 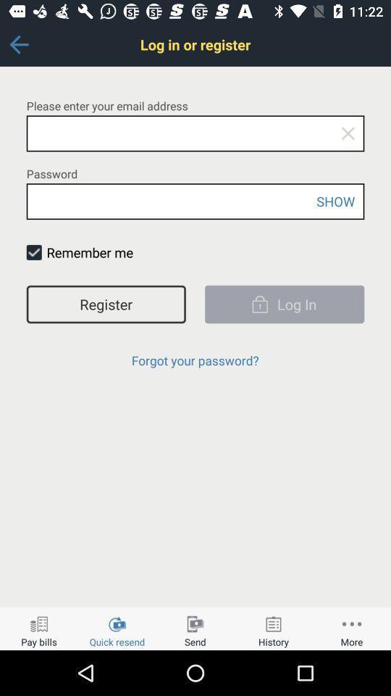 I want to click on item below the please enter your, so click(x=347, y=133).